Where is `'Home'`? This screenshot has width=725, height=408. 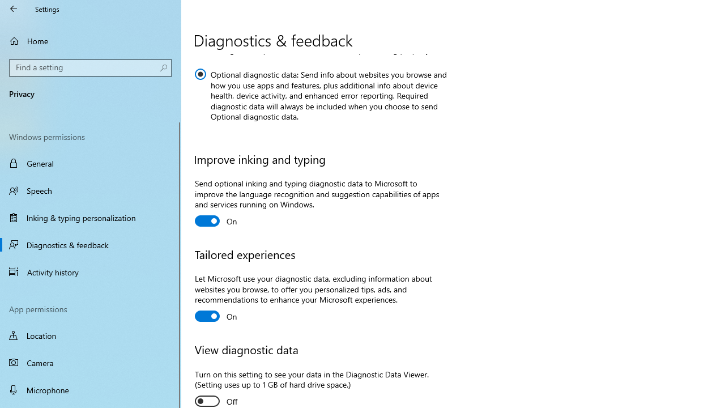 'Home' is located at coordinates (91, 40).